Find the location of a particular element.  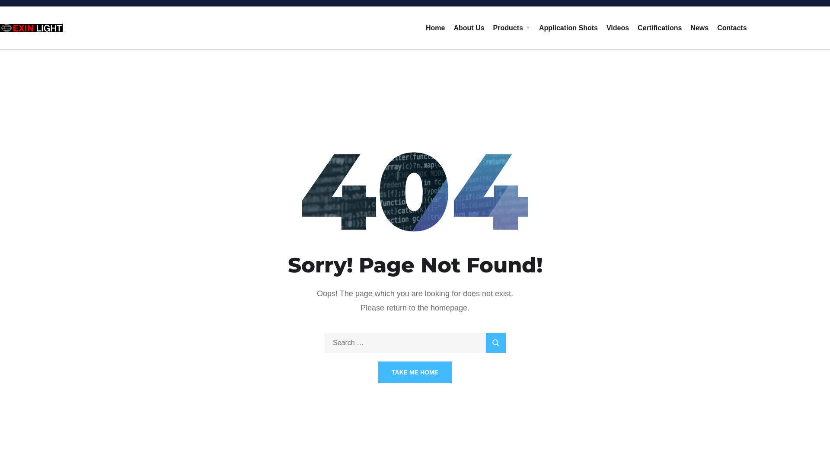

'Contacts' is located at coordinates (731, 27).